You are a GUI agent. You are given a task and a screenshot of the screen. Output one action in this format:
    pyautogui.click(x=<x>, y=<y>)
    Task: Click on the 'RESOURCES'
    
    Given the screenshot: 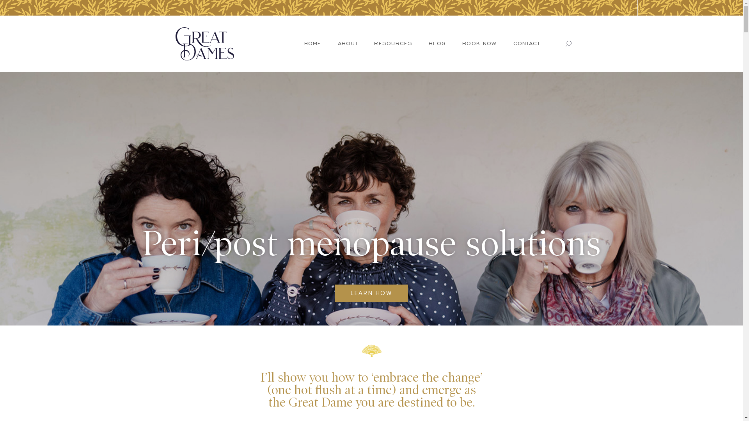 What is the action you would take?
    pyautogui.click(x=393, y=43)
    